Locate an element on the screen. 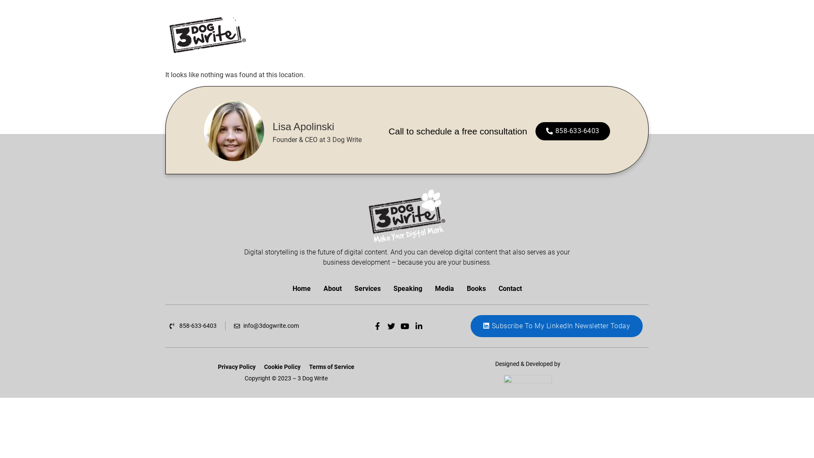  'info@3dogwrite.com' is located at coordinates (266, 325).